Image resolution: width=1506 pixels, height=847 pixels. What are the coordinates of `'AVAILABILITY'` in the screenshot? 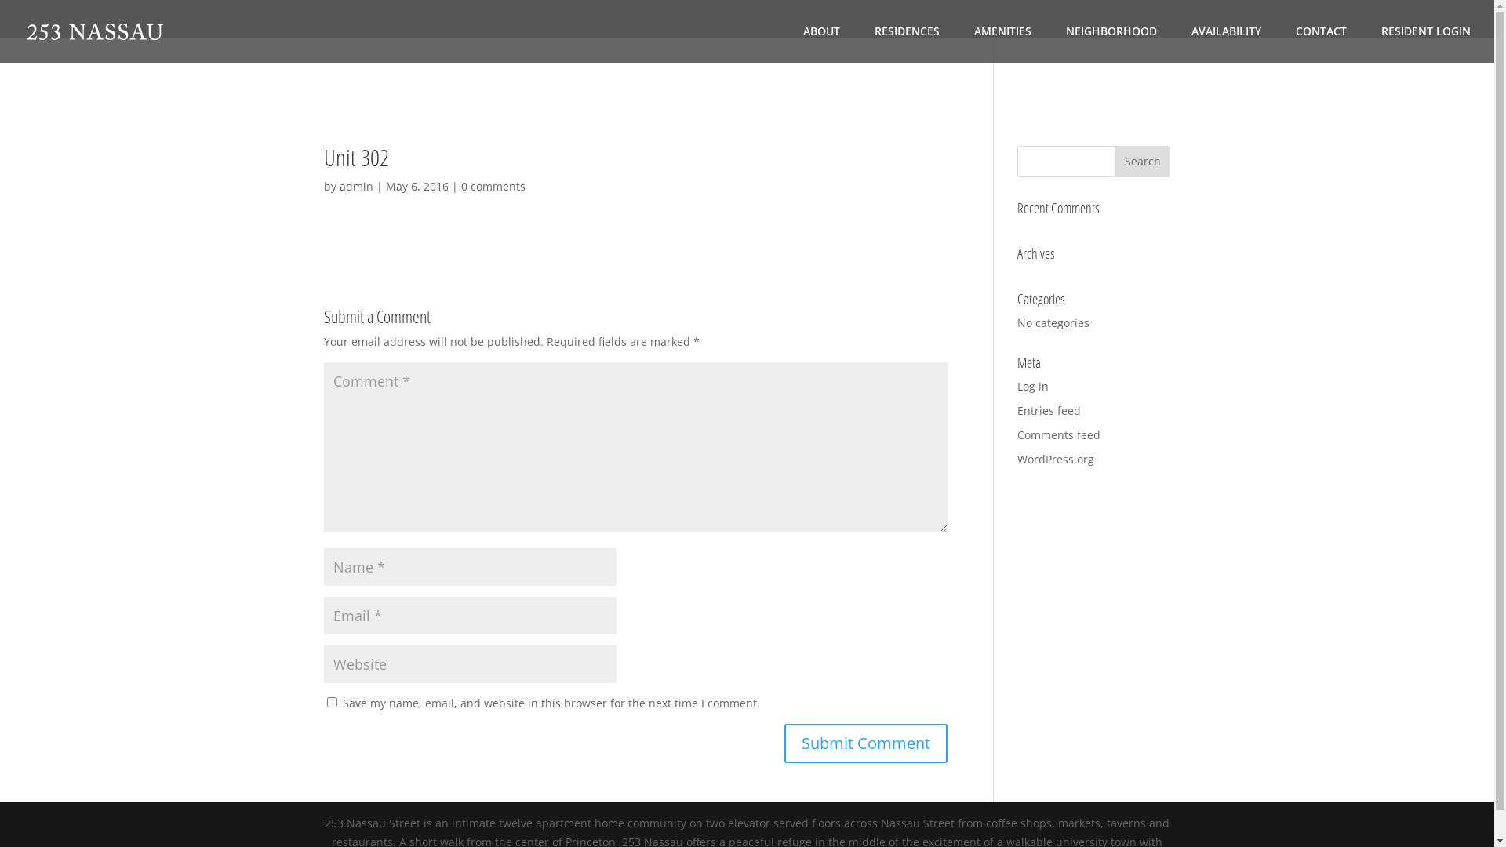 It's located at (1225, 43).